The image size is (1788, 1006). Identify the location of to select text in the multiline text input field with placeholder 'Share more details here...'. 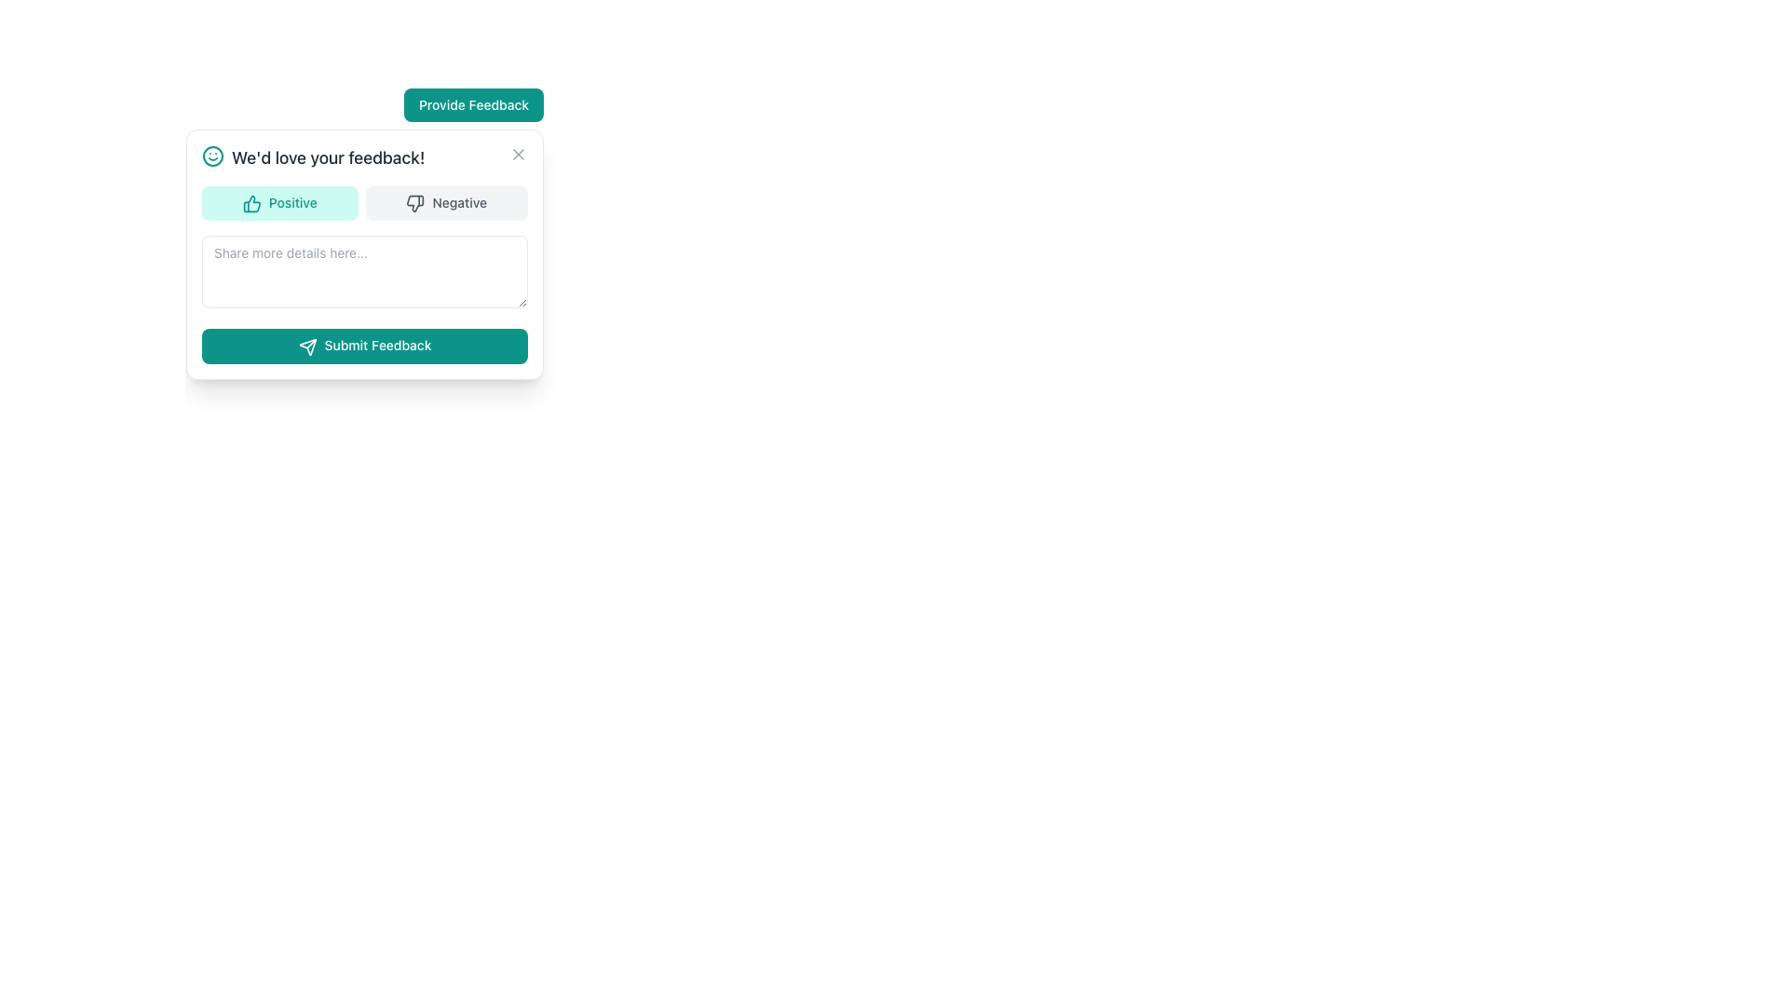
(365, 272).